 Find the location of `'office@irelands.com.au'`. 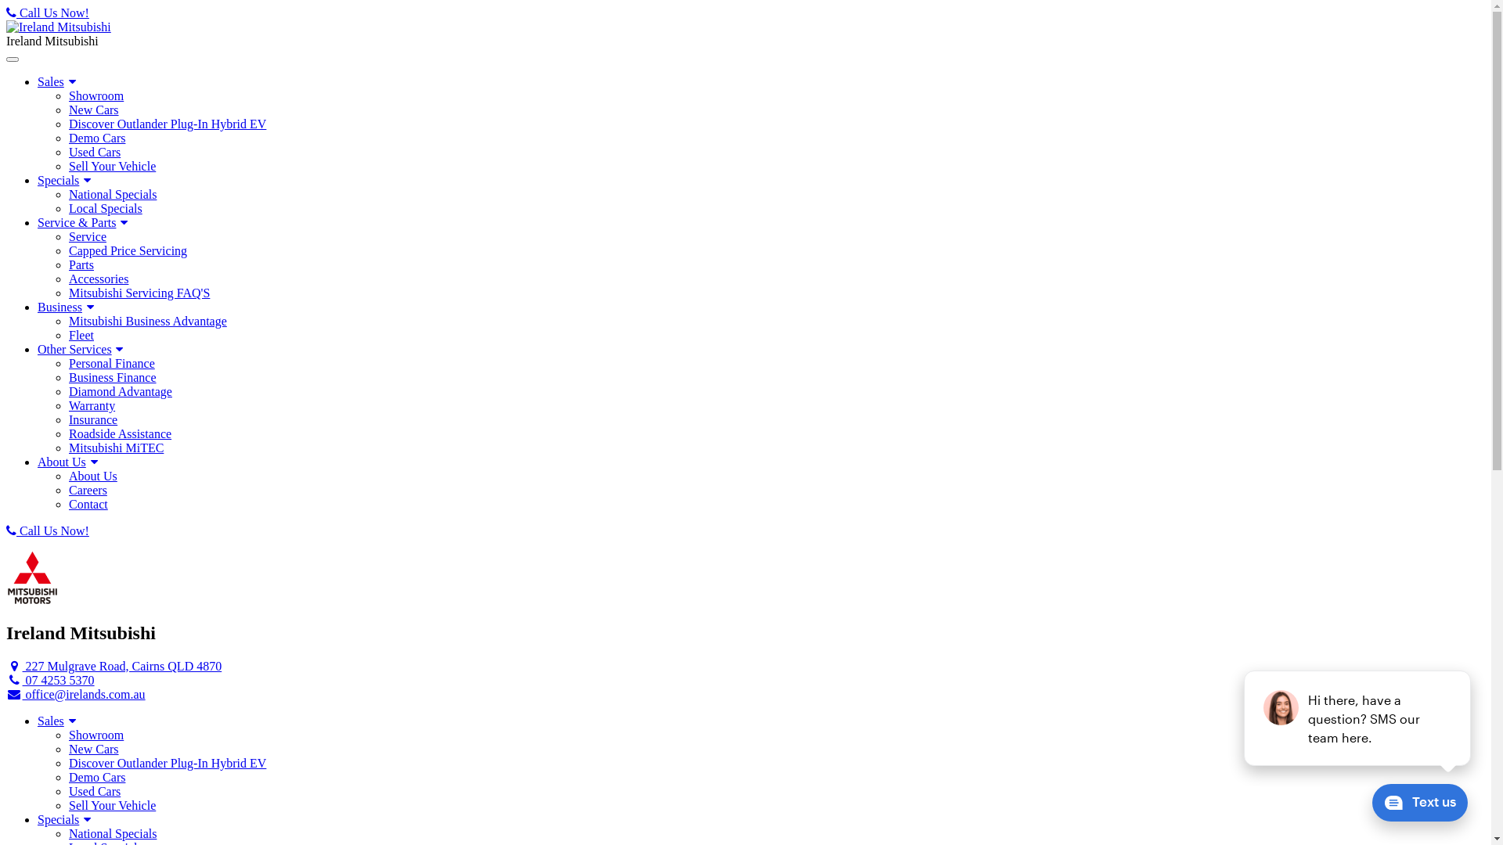

'office@irelands.com.au' is located at coordinates (6, 693).